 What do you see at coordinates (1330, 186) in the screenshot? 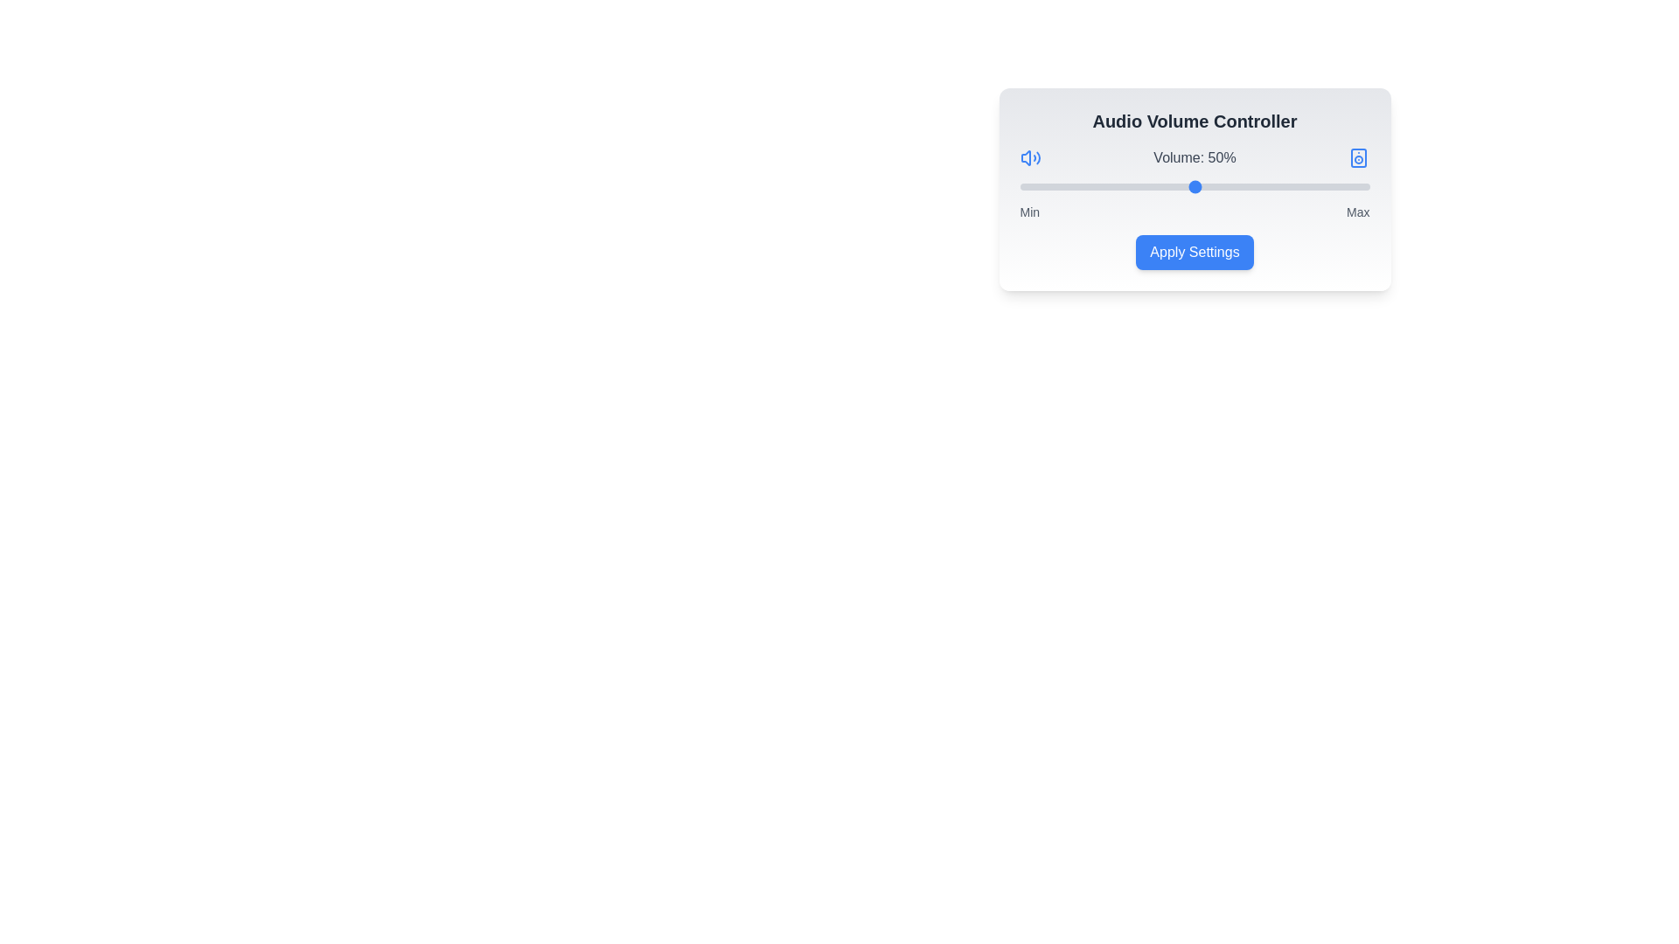
I see `the slider to set the volume to 89%` at bounding box center [1330, 186].